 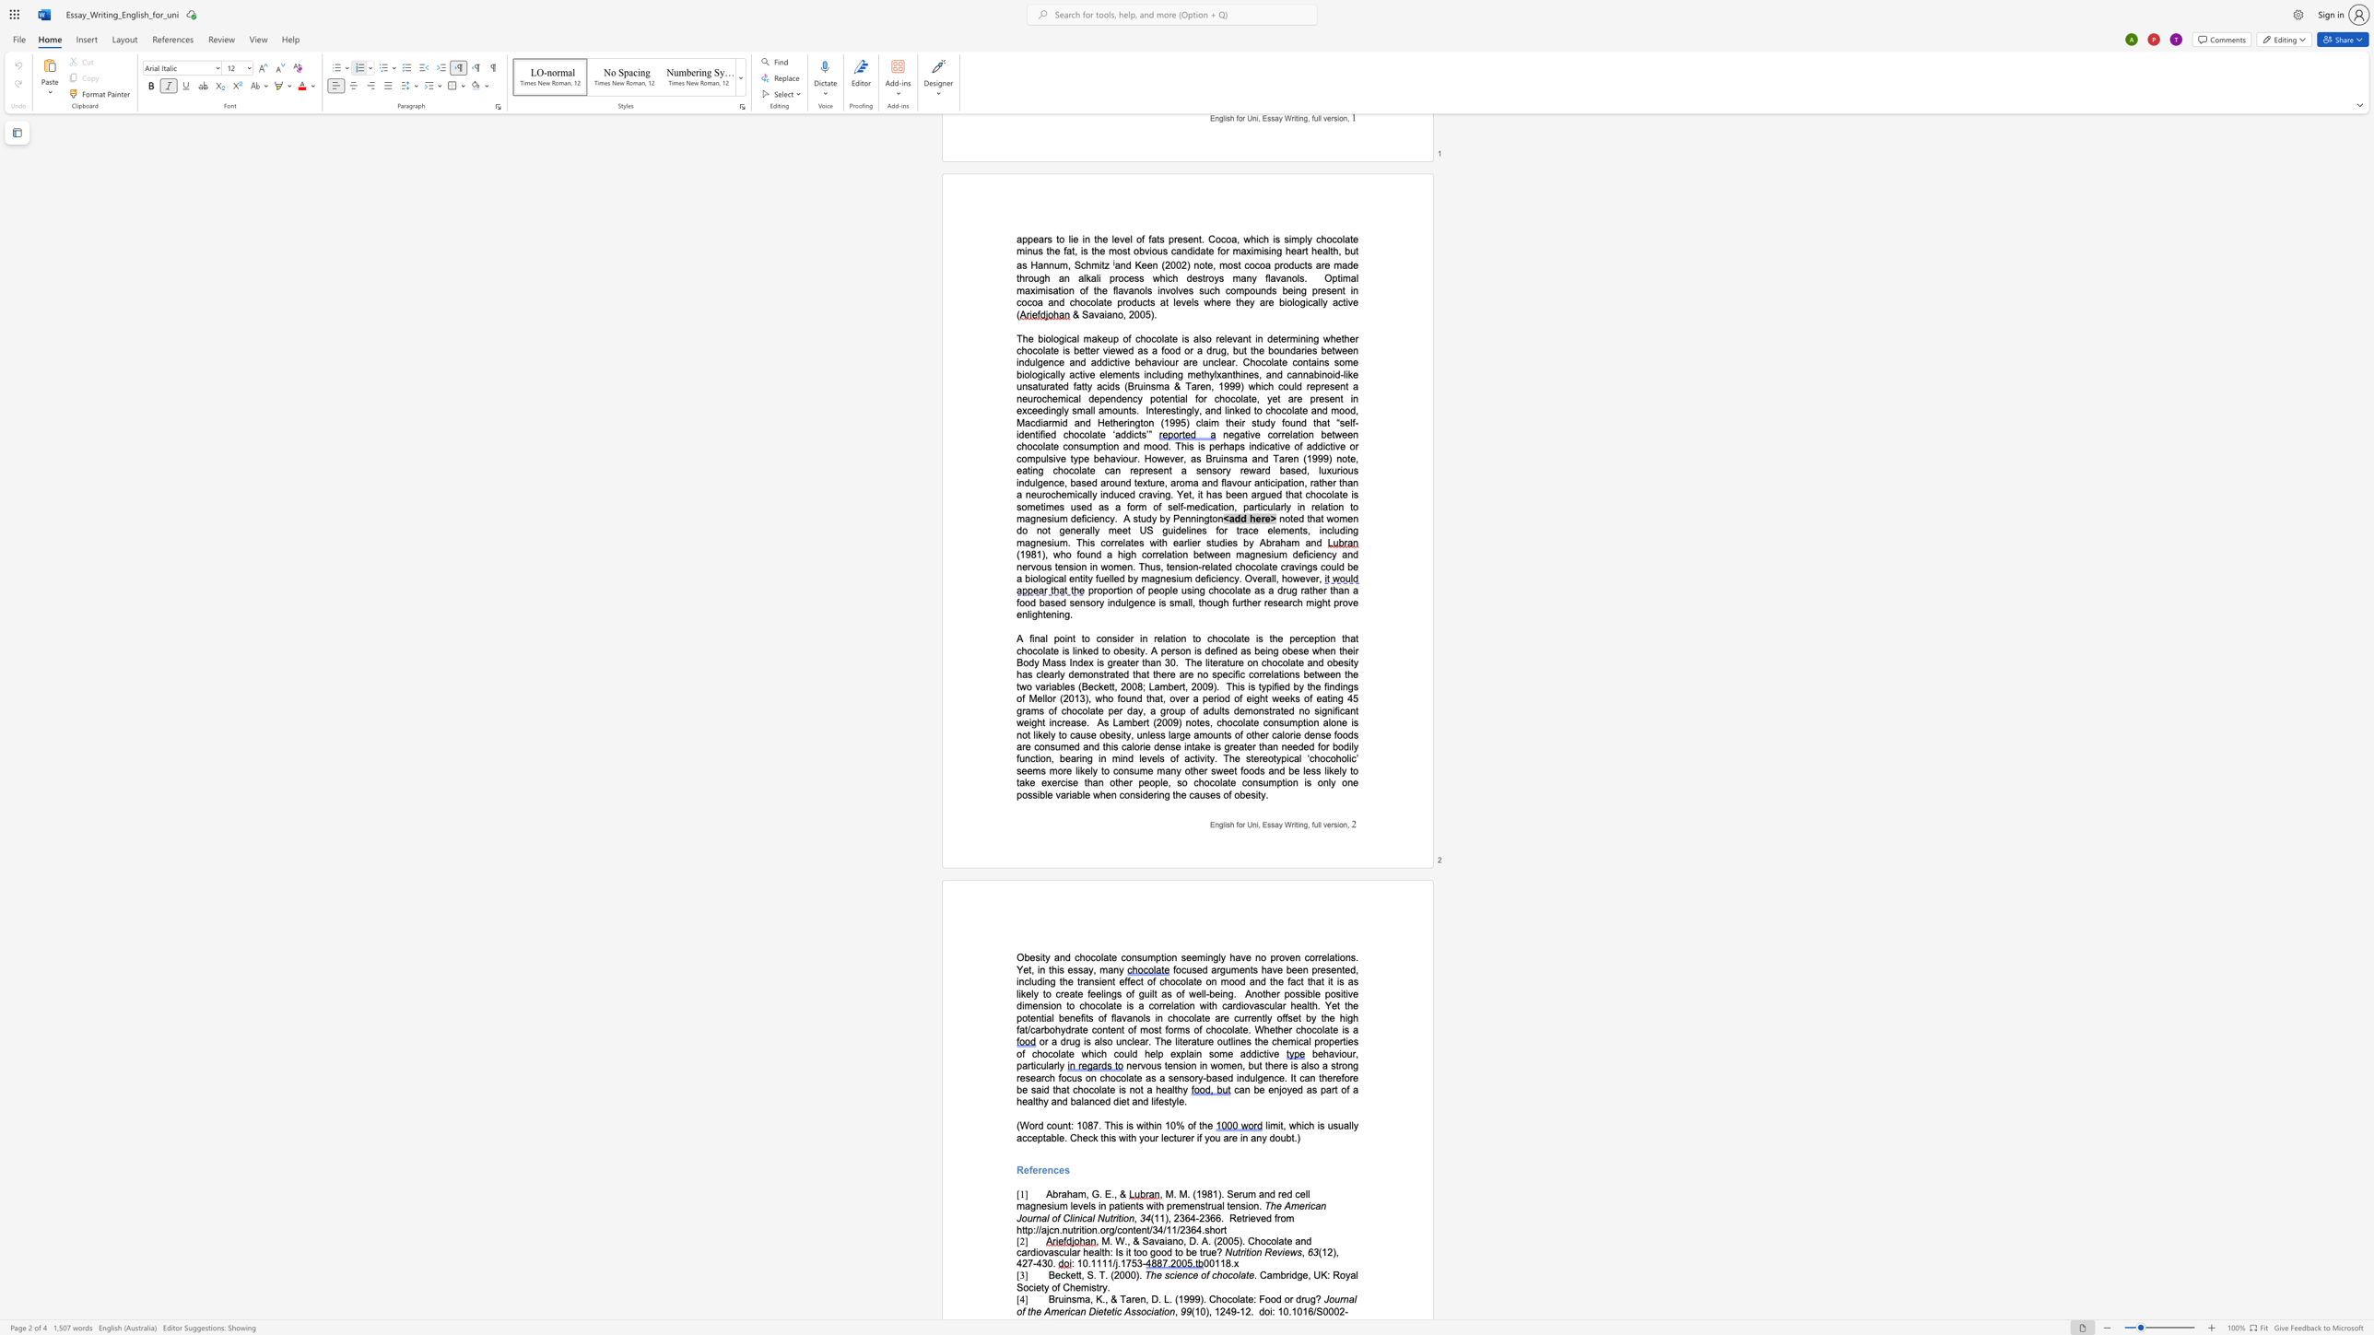 What do you see at coordinates (1109, 1229) in the screenshot?
I see `the space between the continuous character "r" and "g" in the text` at bounding box center [1109, 1229].